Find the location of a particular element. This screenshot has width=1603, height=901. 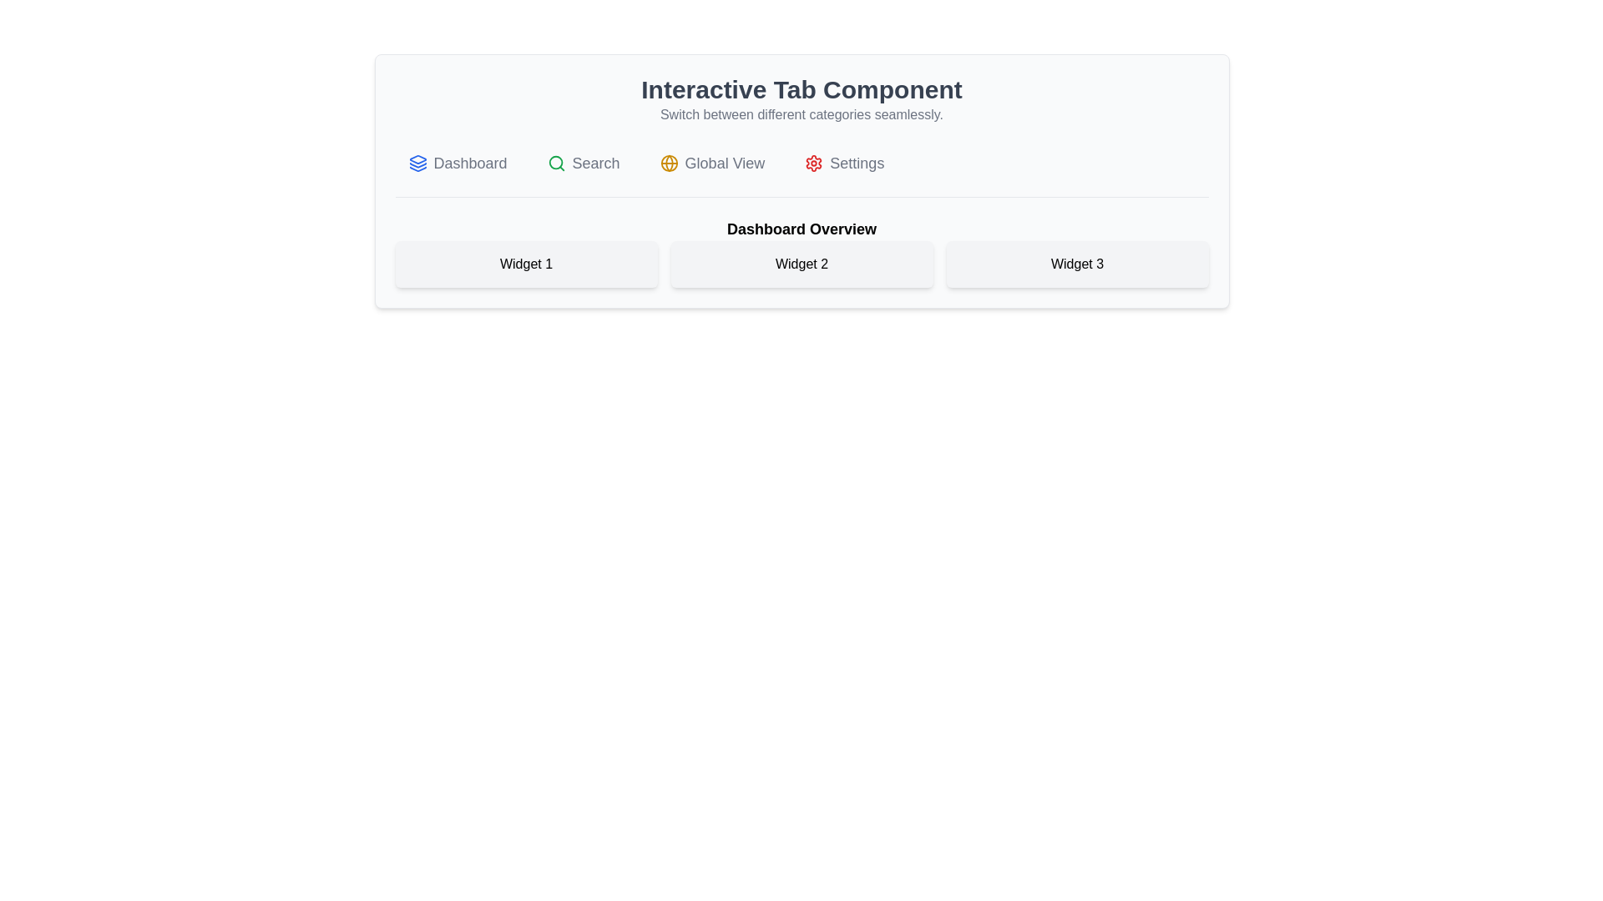

the 'Dashboard' button located on the far-left side of the horizontal row of buttons near the top of the interface is located at coordinates (458, 164).